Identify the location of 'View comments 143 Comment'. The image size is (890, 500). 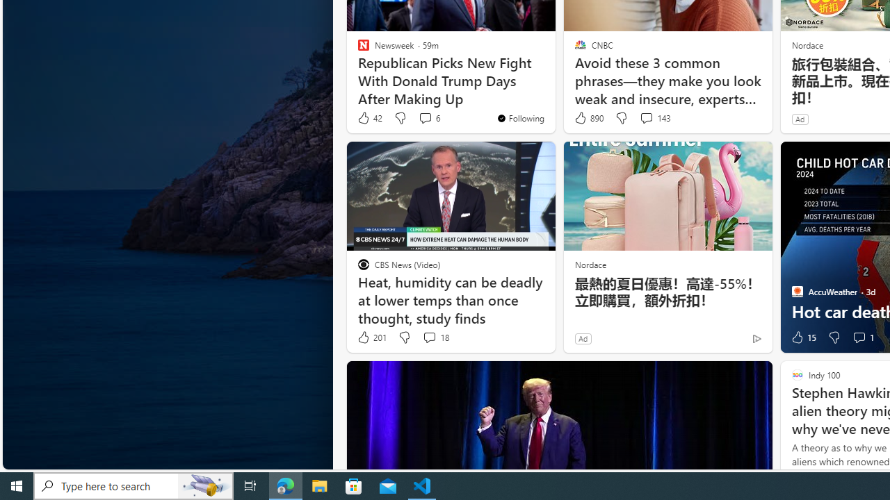
(654, 117).